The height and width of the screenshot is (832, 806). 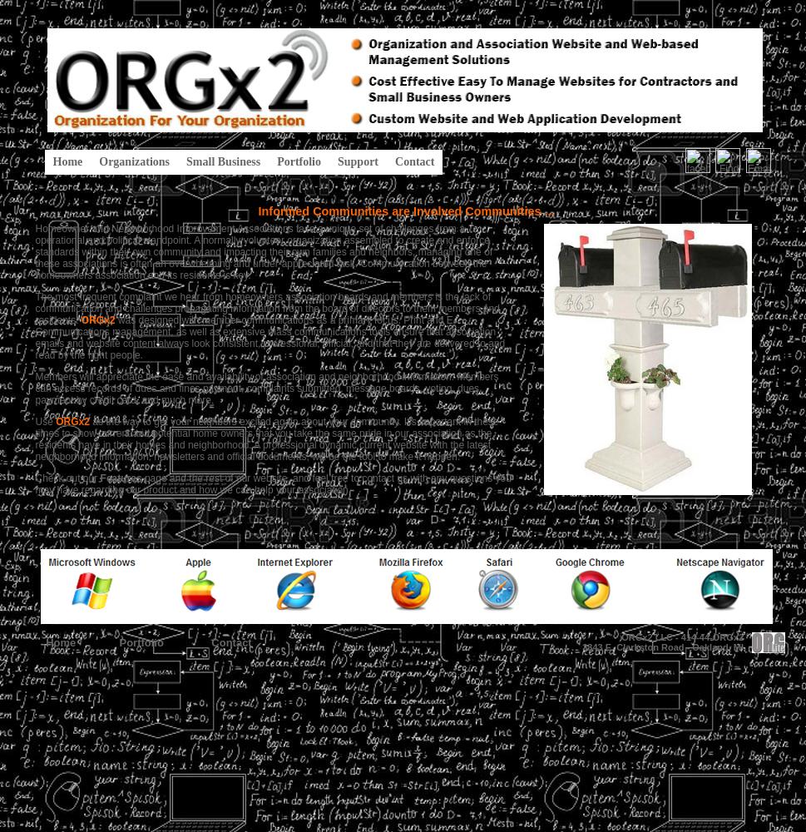 I want to click on 'Use', so click(x=44, y=422).